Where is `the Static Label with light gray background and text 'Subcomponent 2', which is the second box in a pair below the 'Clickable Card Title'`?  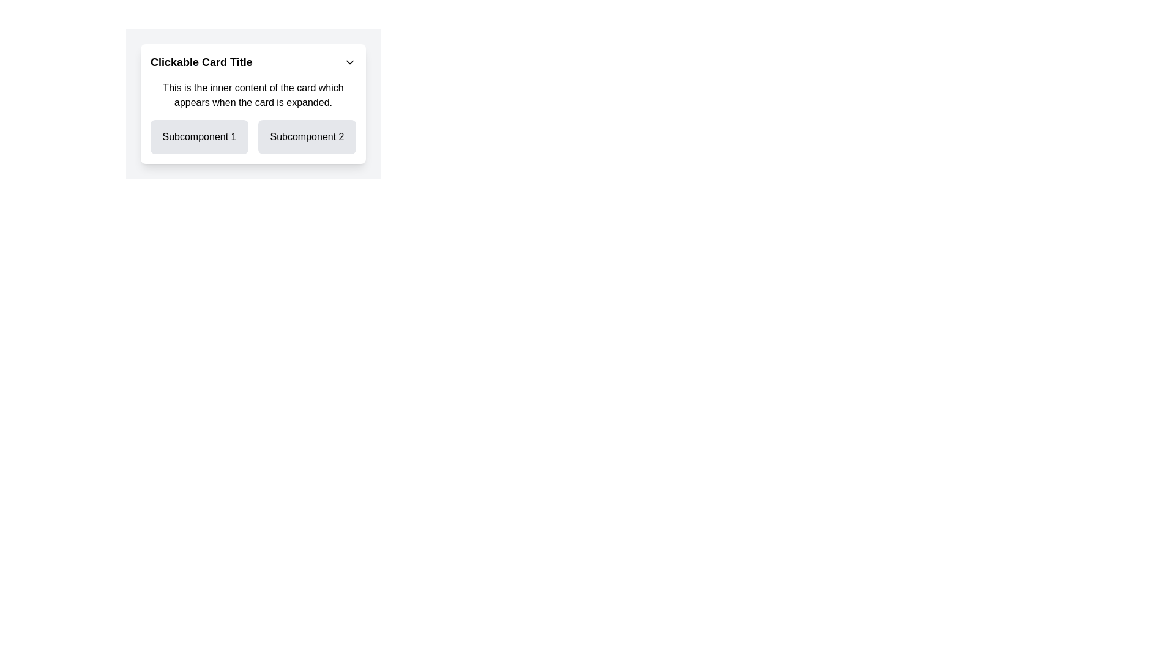
the Static Label with light gray background and text 'Subcomponent 2', which is the second box in a pair below the 'Clickable Card Title' is located at coordinates (307, 136).